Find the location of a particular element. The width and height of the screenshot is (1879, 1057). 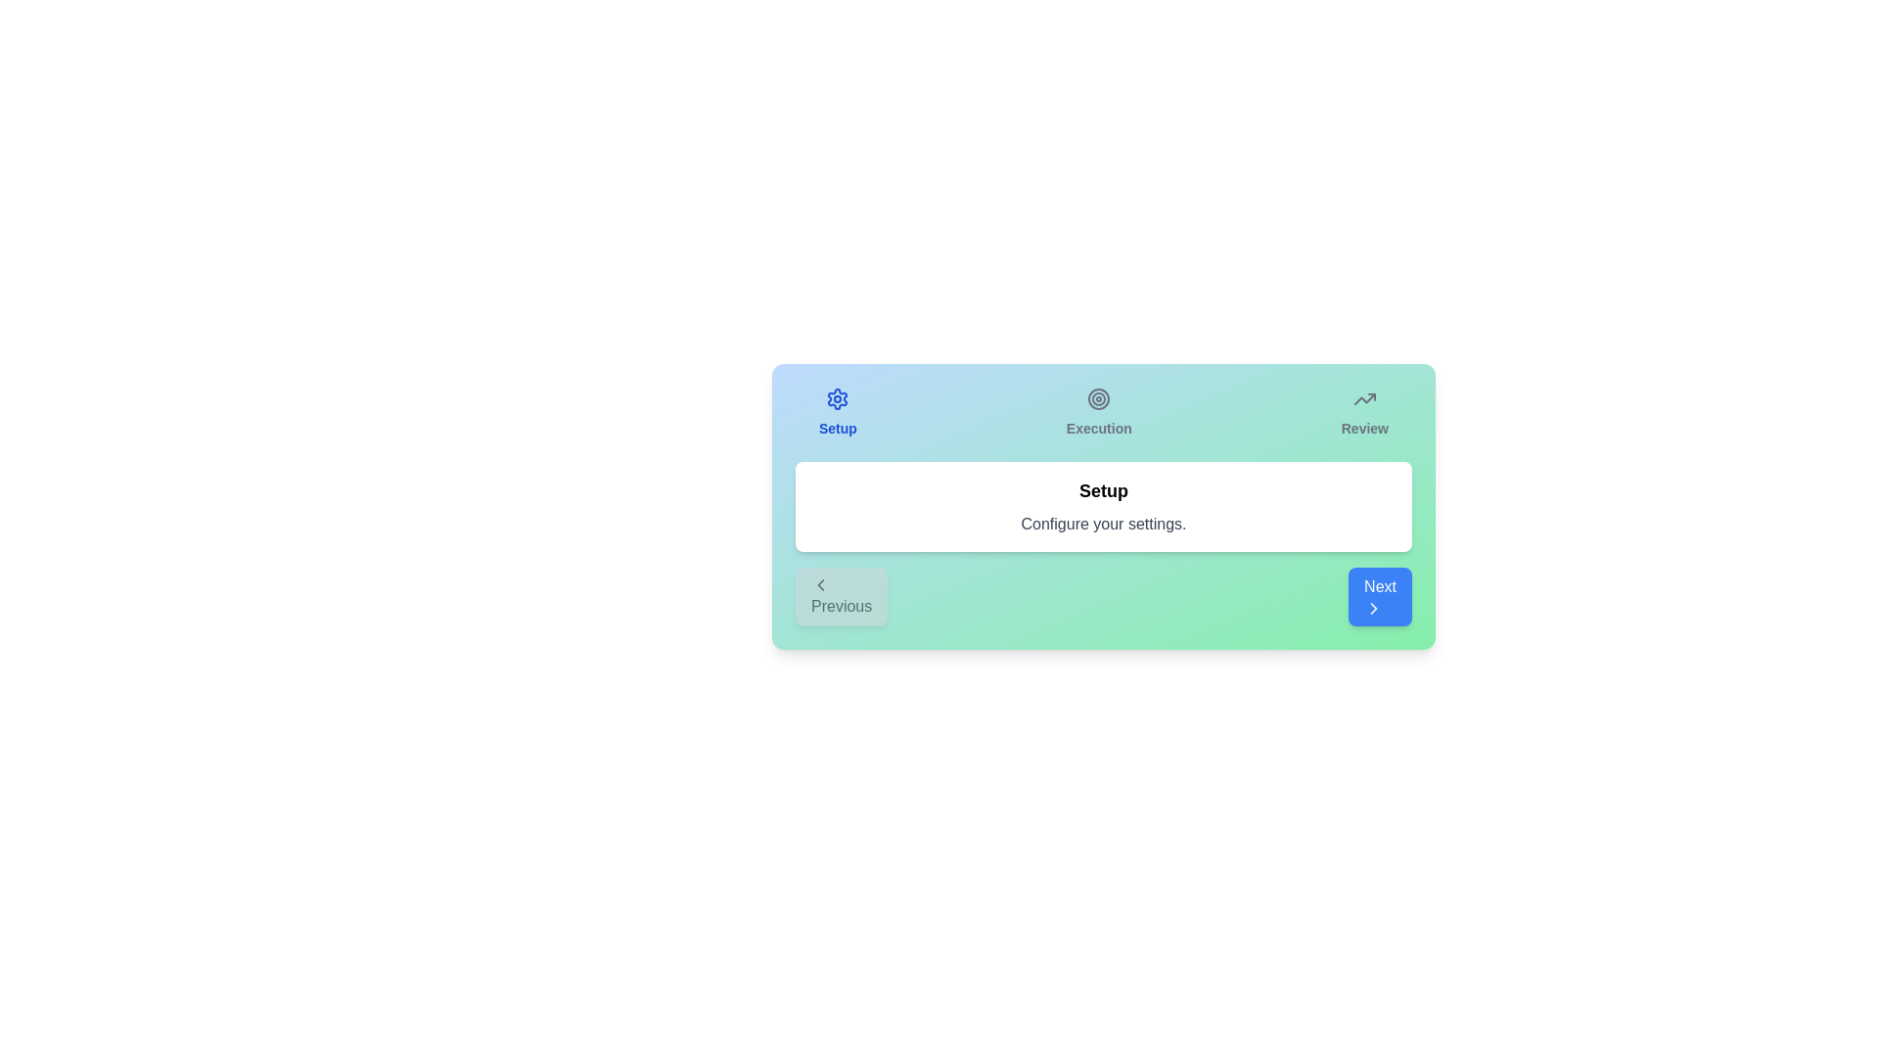

the 'Next' button to navigate to the next step is located at coordinates (1379, 595).